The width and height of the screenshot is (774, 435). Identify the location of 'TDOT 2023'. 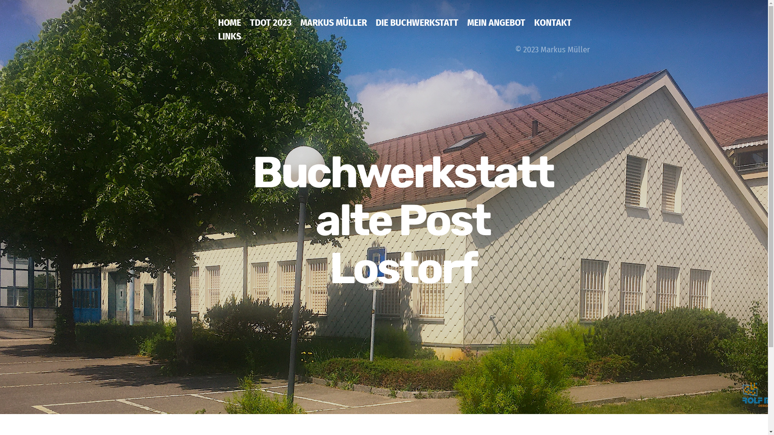
(270, 28).